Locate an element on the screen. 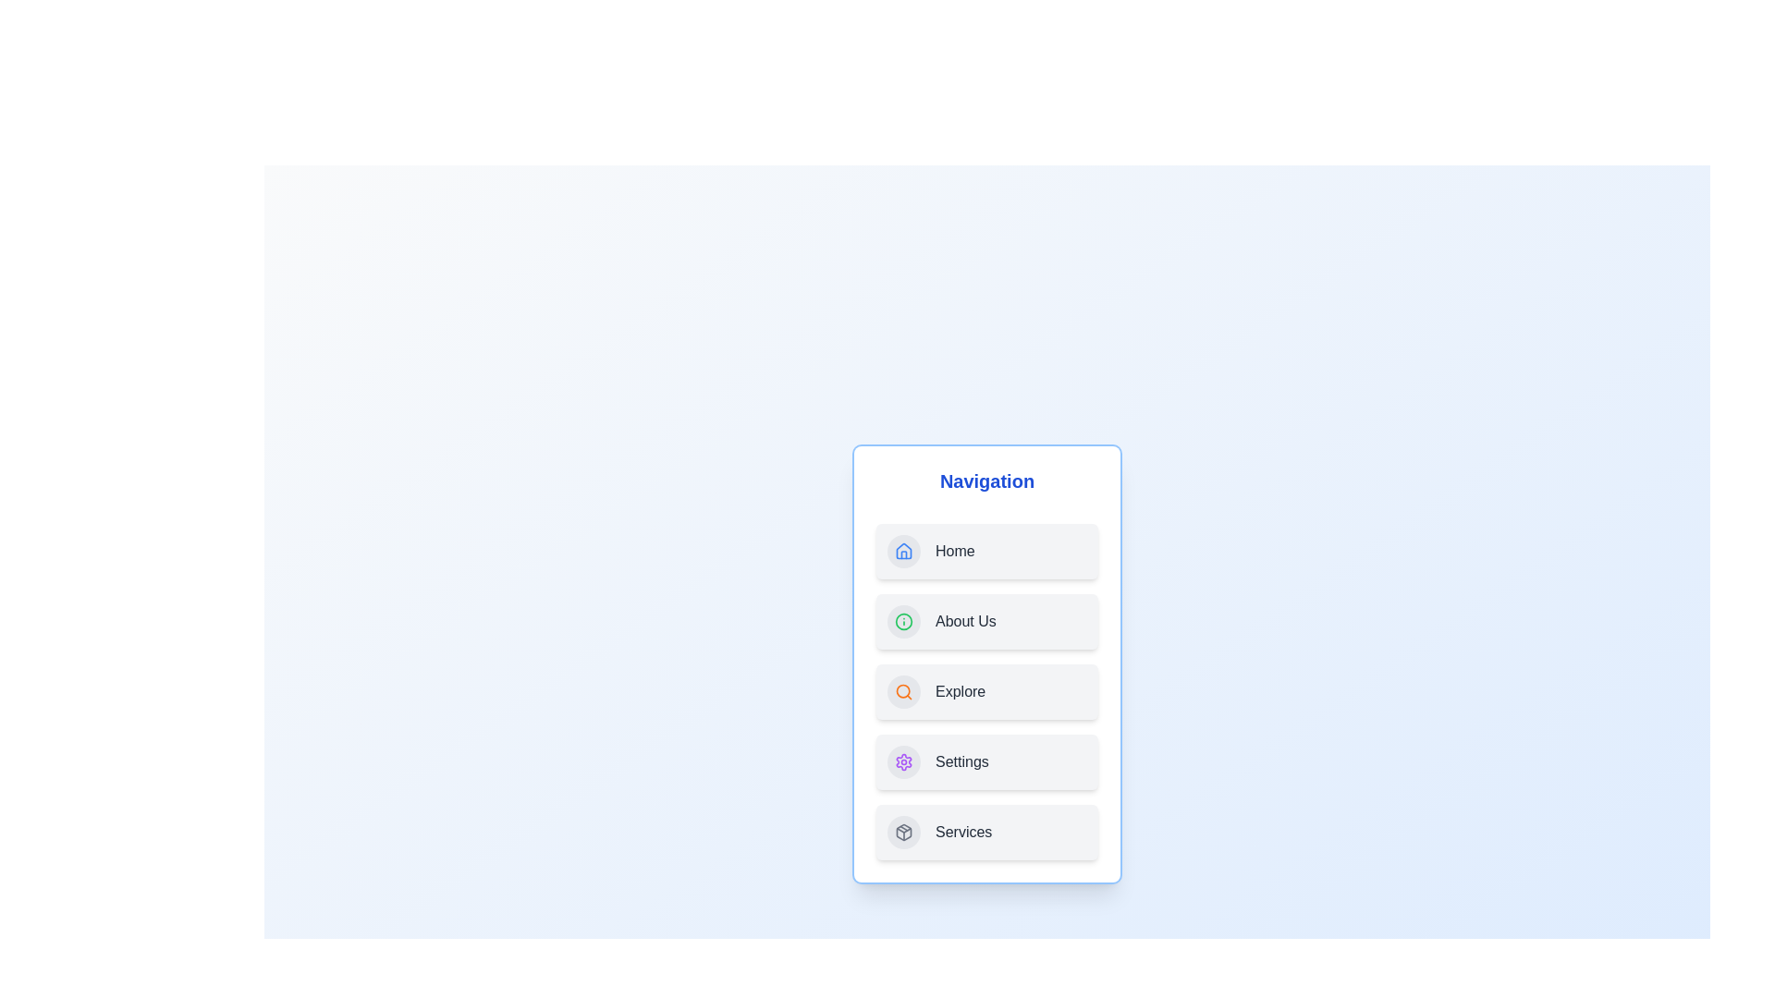 This screenshot has width=1775, height=998. the navigation item labeled Services is located at coordinates (986, 833).